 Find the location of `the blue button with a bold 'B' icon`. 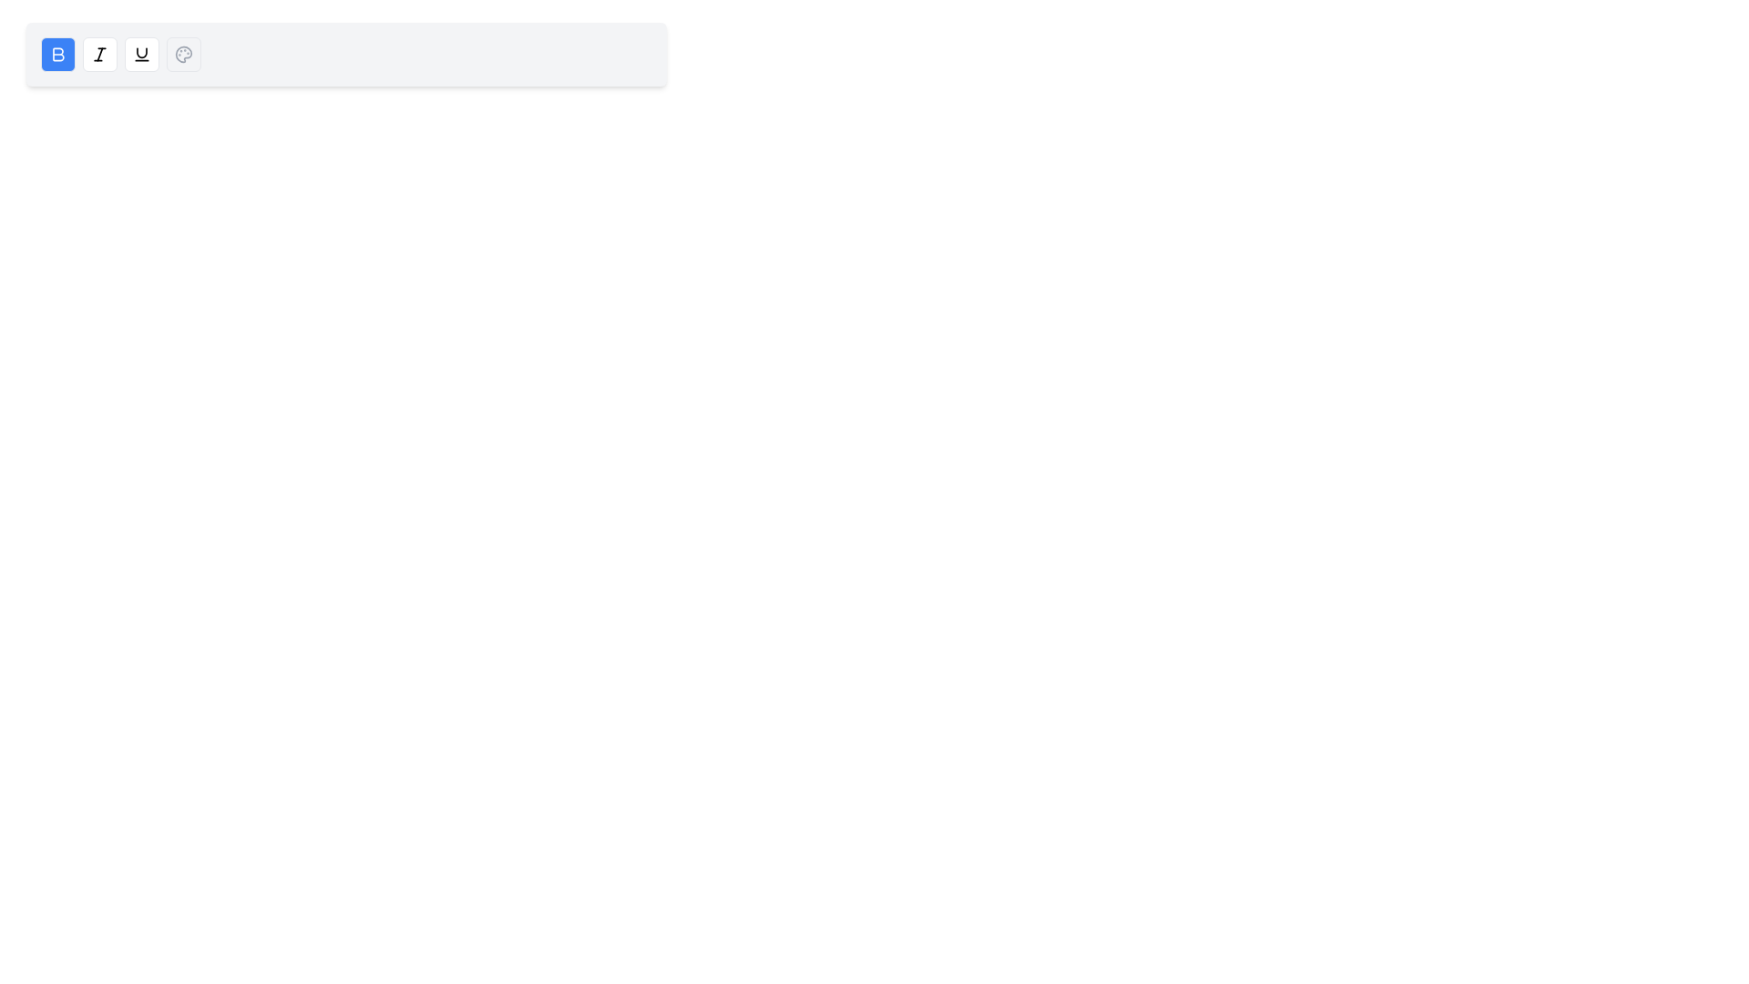

the blue button with a bold 'B' icon is located at coordinates (57, 54).